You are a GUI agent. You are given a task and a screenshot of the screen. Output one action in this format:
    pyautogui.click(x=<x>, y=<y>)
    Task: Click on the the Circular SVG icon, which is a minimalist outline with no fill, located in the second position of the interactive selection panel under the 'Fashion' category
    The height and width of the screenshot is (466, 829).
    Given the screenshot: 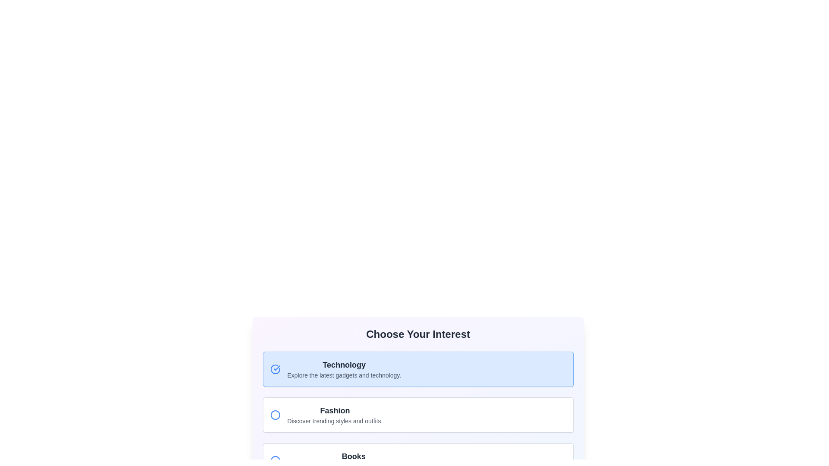 What is the action you would take?
    pyautogui.click(x=275, y=414)
    